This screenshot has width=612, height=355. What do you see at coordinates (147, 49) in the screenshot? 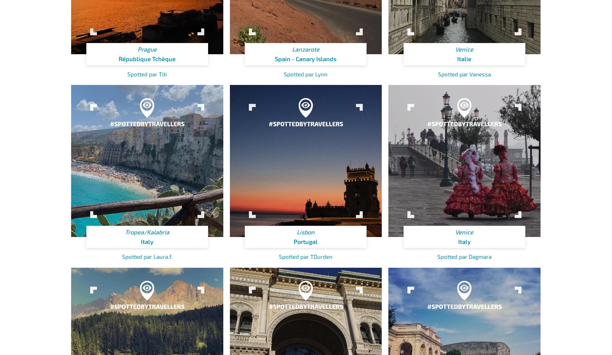
I see `'Prague'` at bounding box center [147, 49].